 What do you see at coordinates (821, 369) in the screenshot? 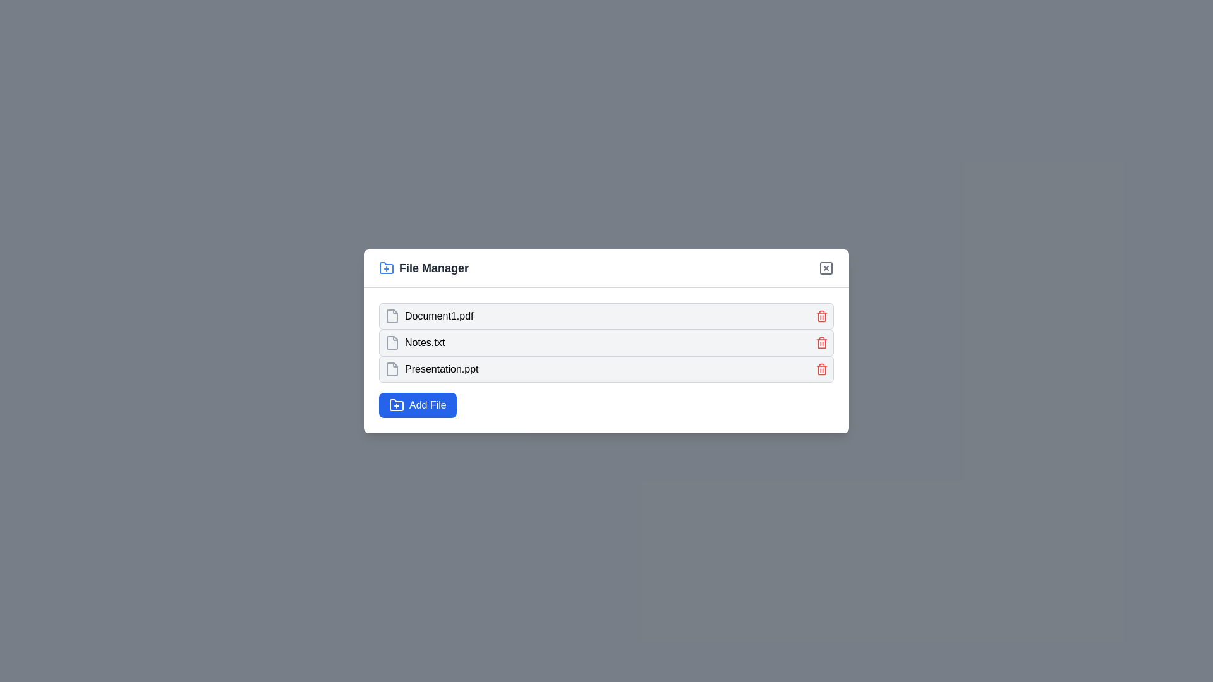
I see `the small red trash bin icon located on the far right side of the row for the file named 'Presentation.ppt'` at bounding box center [821, 369].